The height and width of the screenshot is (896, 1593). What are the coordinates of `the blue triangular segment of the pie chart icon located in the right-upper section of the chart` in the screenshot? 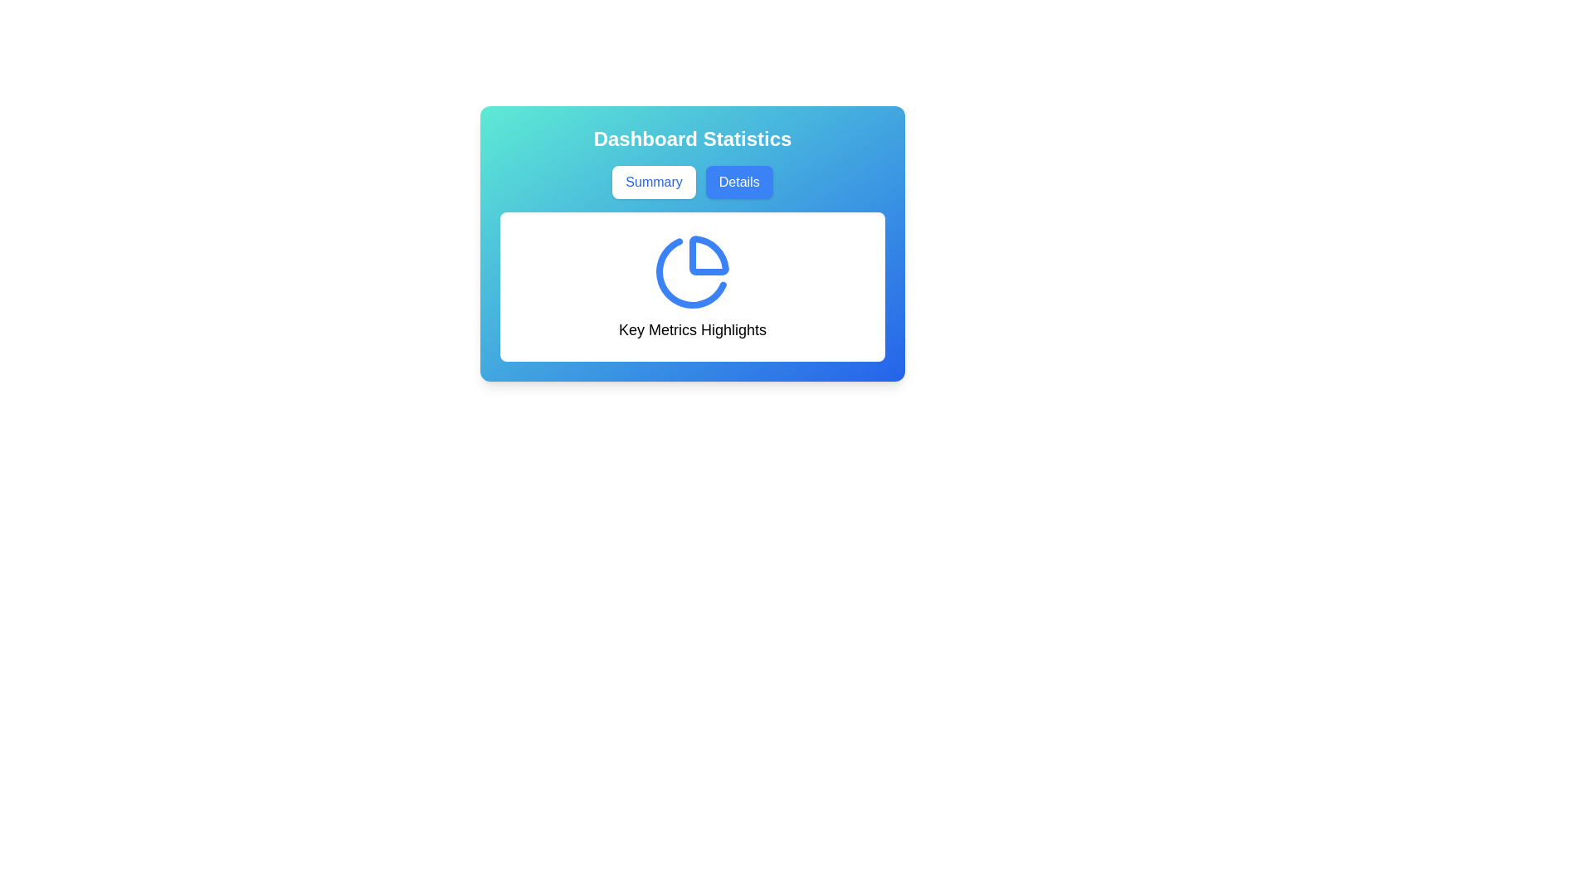 It's located at (709, 256).